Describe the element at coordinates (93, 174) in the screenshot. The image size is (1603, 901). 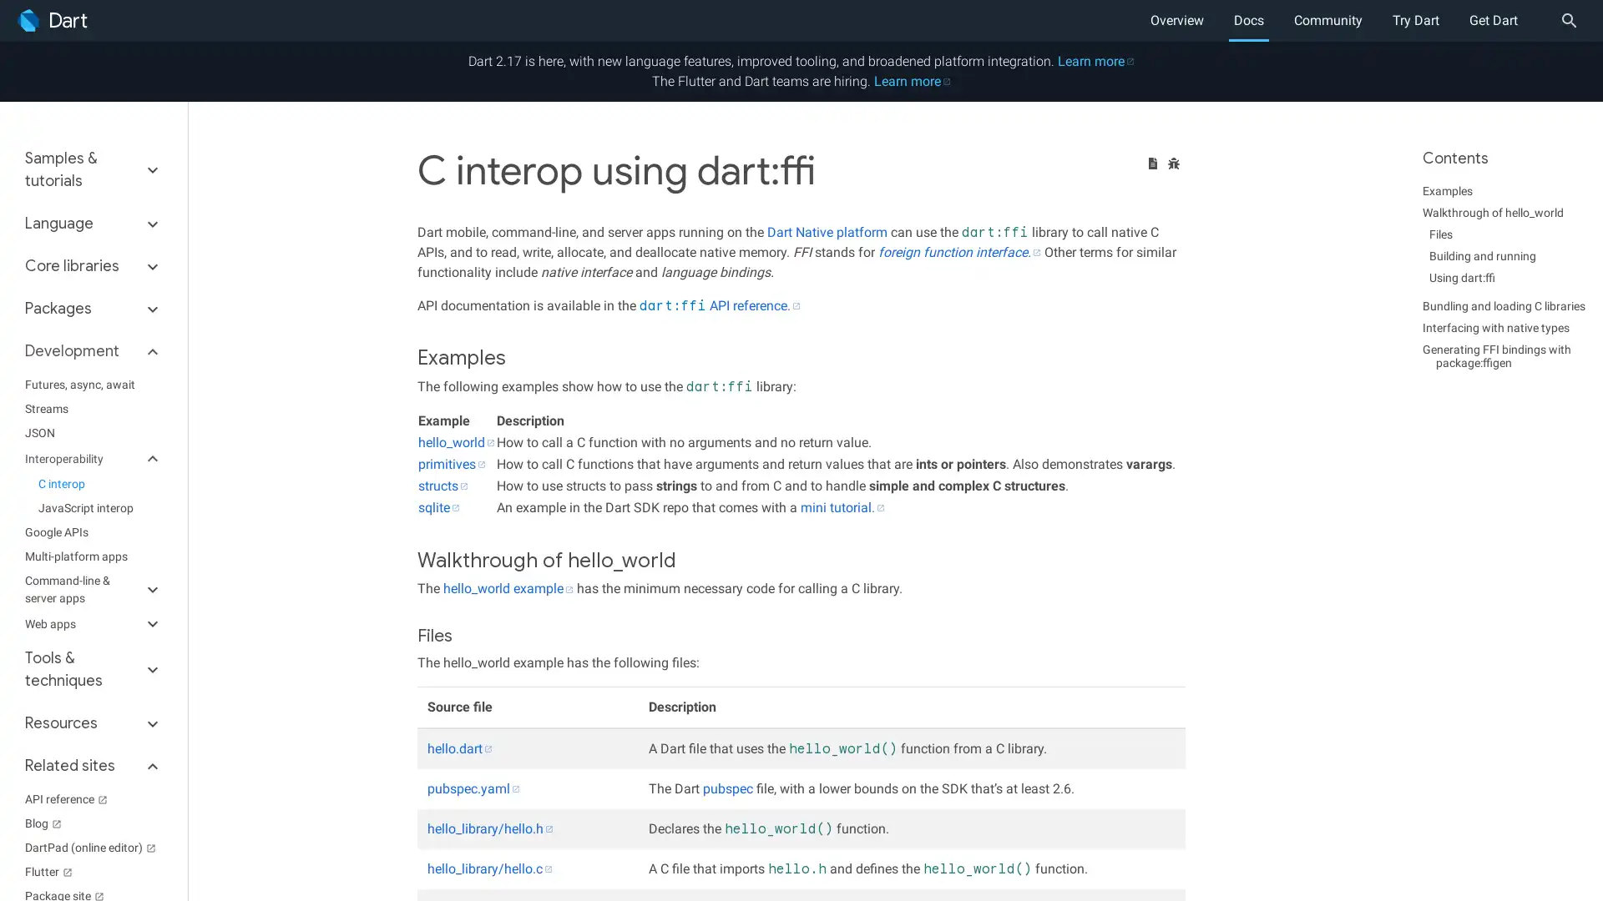
I see `Samples & tutorials keyboard_arrow_down` at that location.